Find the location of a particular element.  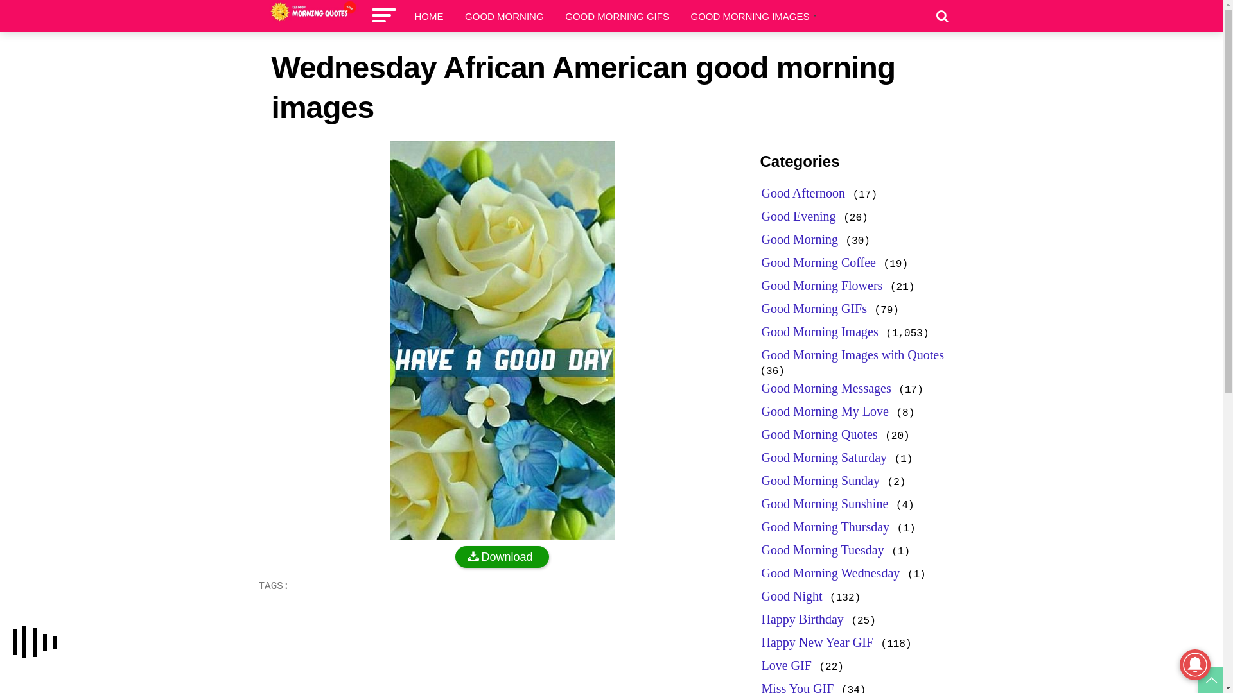

'Good Evening' is located at coordinates (798, 215).